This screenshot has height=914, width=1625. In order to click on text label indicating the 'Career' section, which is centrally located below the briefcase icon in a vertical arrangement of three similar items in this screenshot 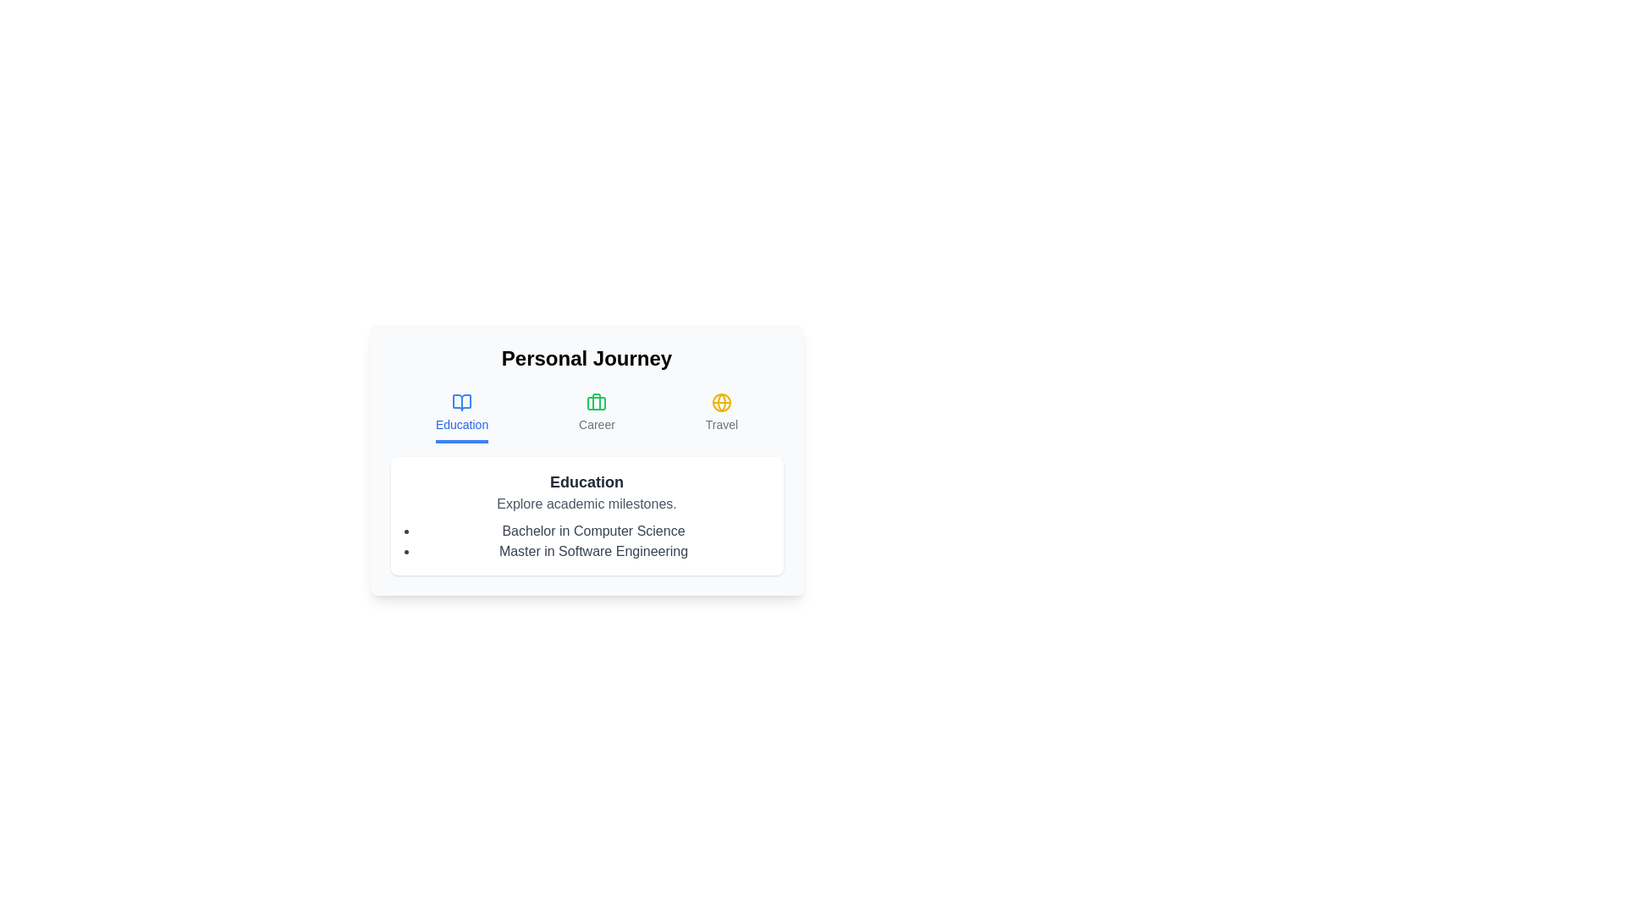, I will do `click(597, 423)`.